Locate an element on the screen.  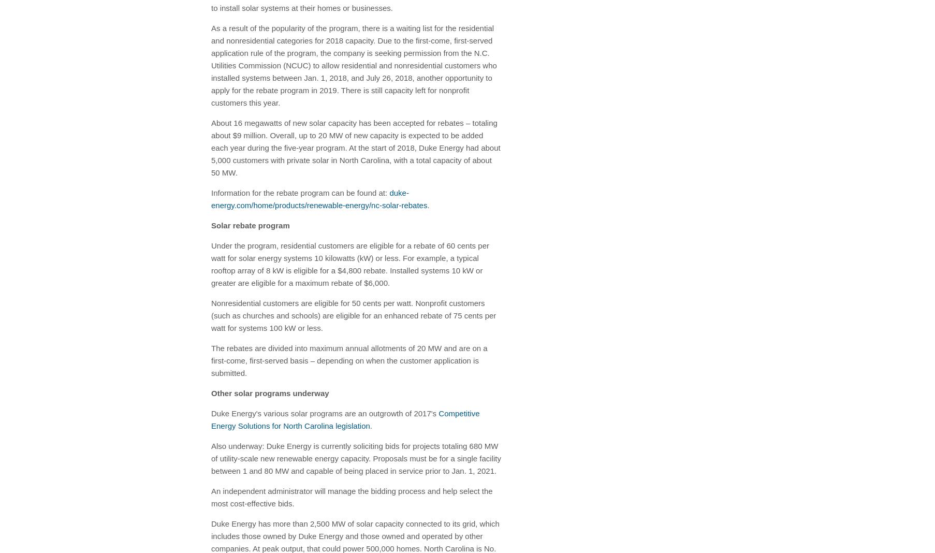
'per watt. Nonprofit customers (such as churches and schools) are eligible for an enhanced rebate of' is located at coordinates (210, 308).